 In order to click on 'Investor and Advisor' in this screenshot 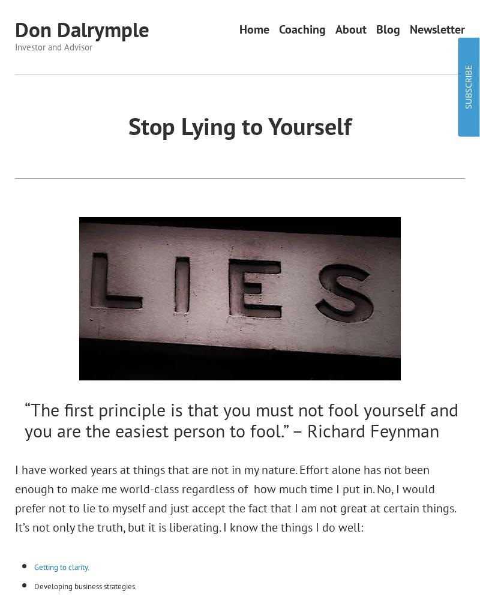, I will do `click(53, 46)`.